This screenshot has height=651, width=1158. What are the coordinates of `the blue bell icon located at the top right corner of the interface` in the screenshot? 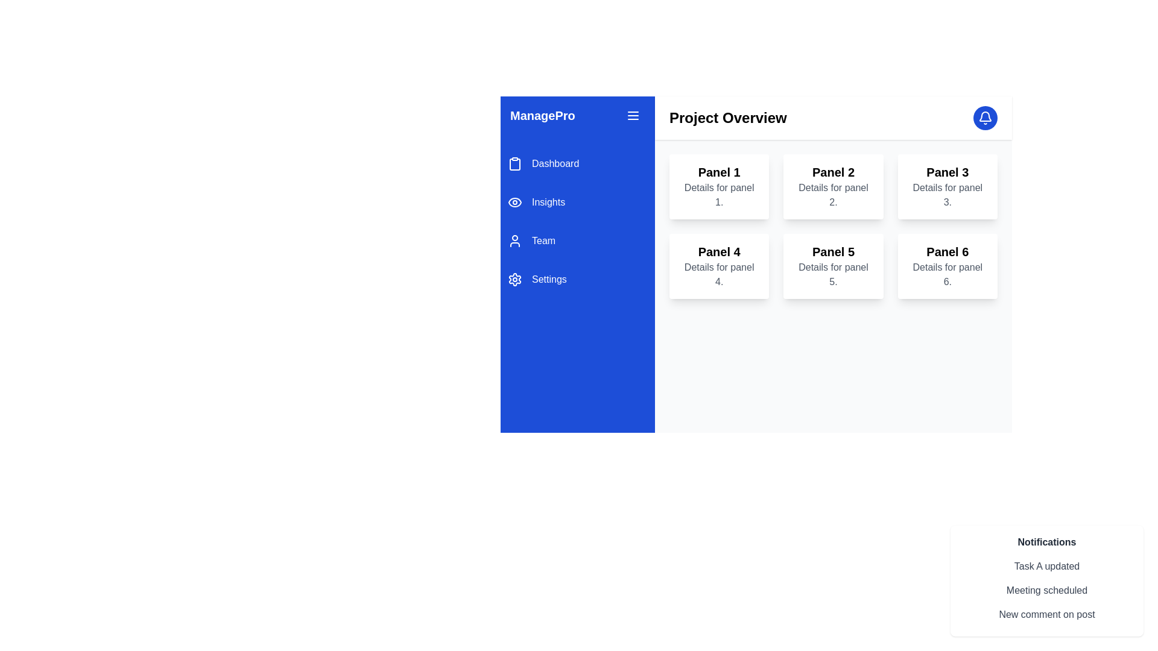 It's located at (985, 118).